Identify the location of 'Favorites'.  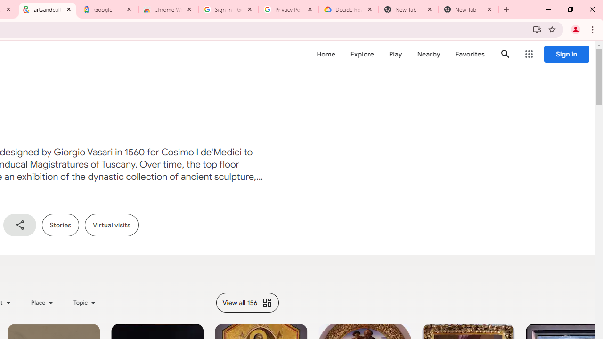
(470, 54).